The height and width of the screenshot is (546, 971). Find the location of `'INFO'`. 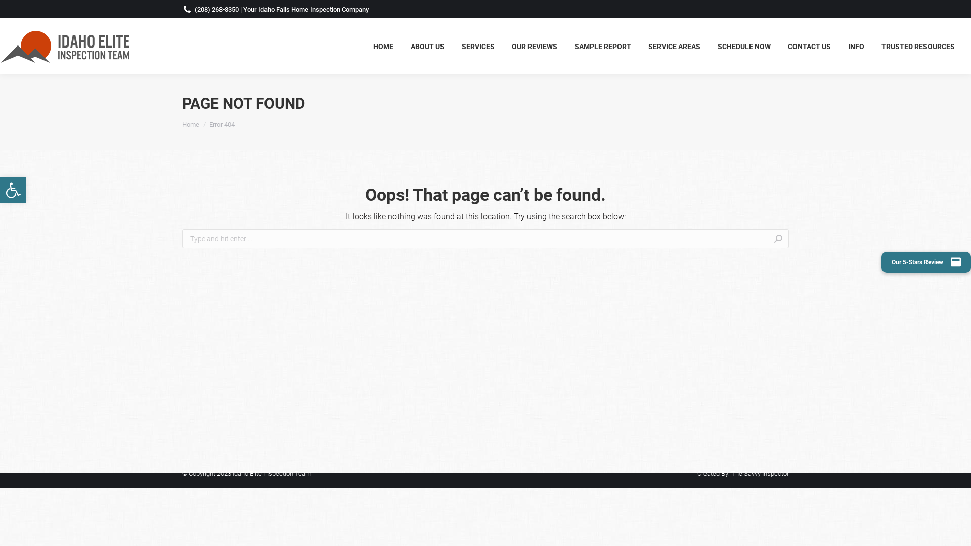

'INFO' is located at coordinates (856, 46).